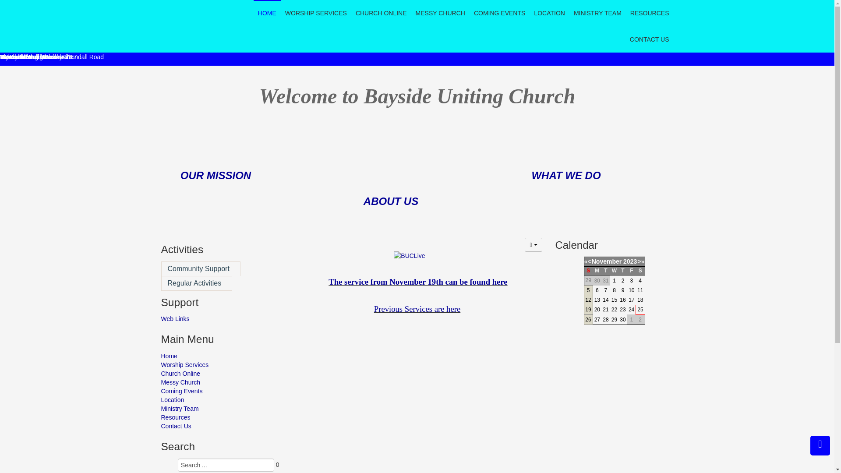  What do you see at coordinates (630, 13) in the screenshot?
I see `'RESOURCES'` at bounding box center [630, 13].